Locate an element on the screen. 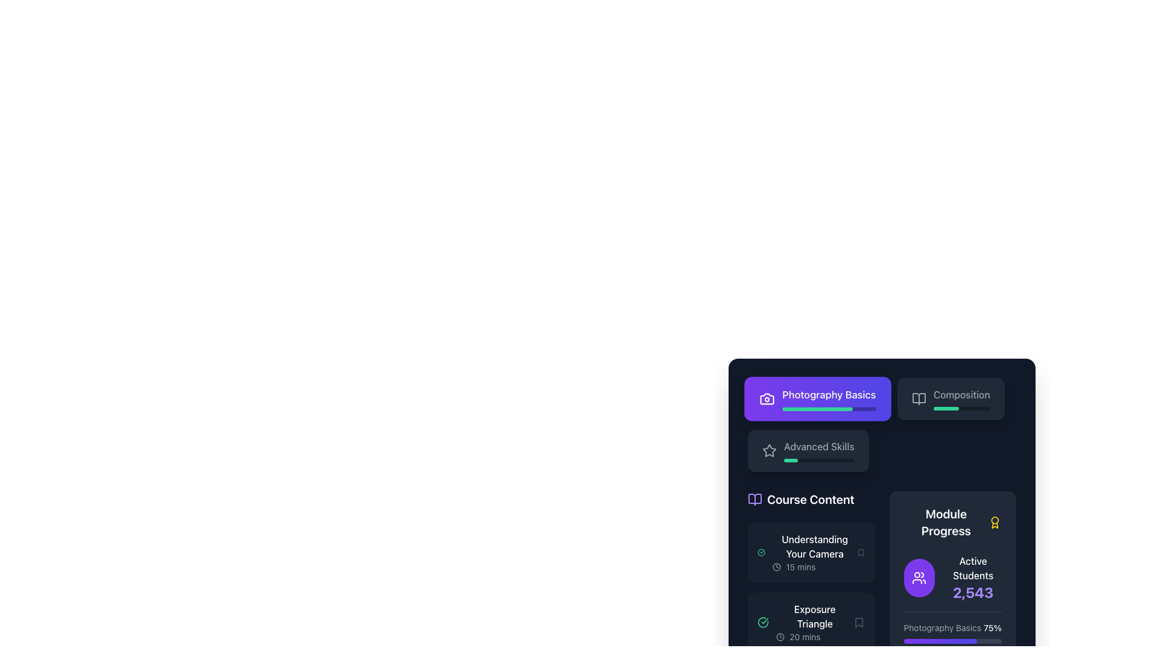 The height and width of the screenshot is (651, 1158). the green circular icon with a checkmark inside, indicating completion, located in the 'Exposure Triangle' section is located at coordinates (762, 623).